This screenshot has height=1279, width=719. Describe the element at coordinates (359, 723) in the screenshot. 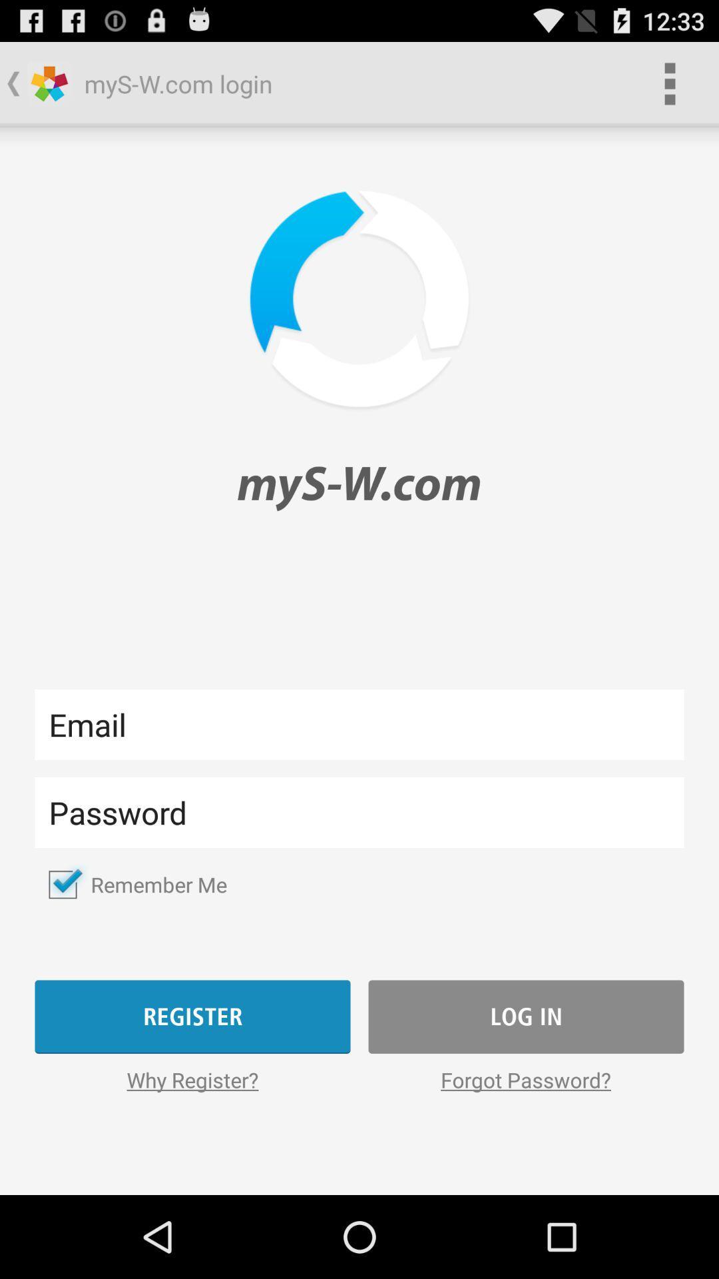

I see `type email` at that location.